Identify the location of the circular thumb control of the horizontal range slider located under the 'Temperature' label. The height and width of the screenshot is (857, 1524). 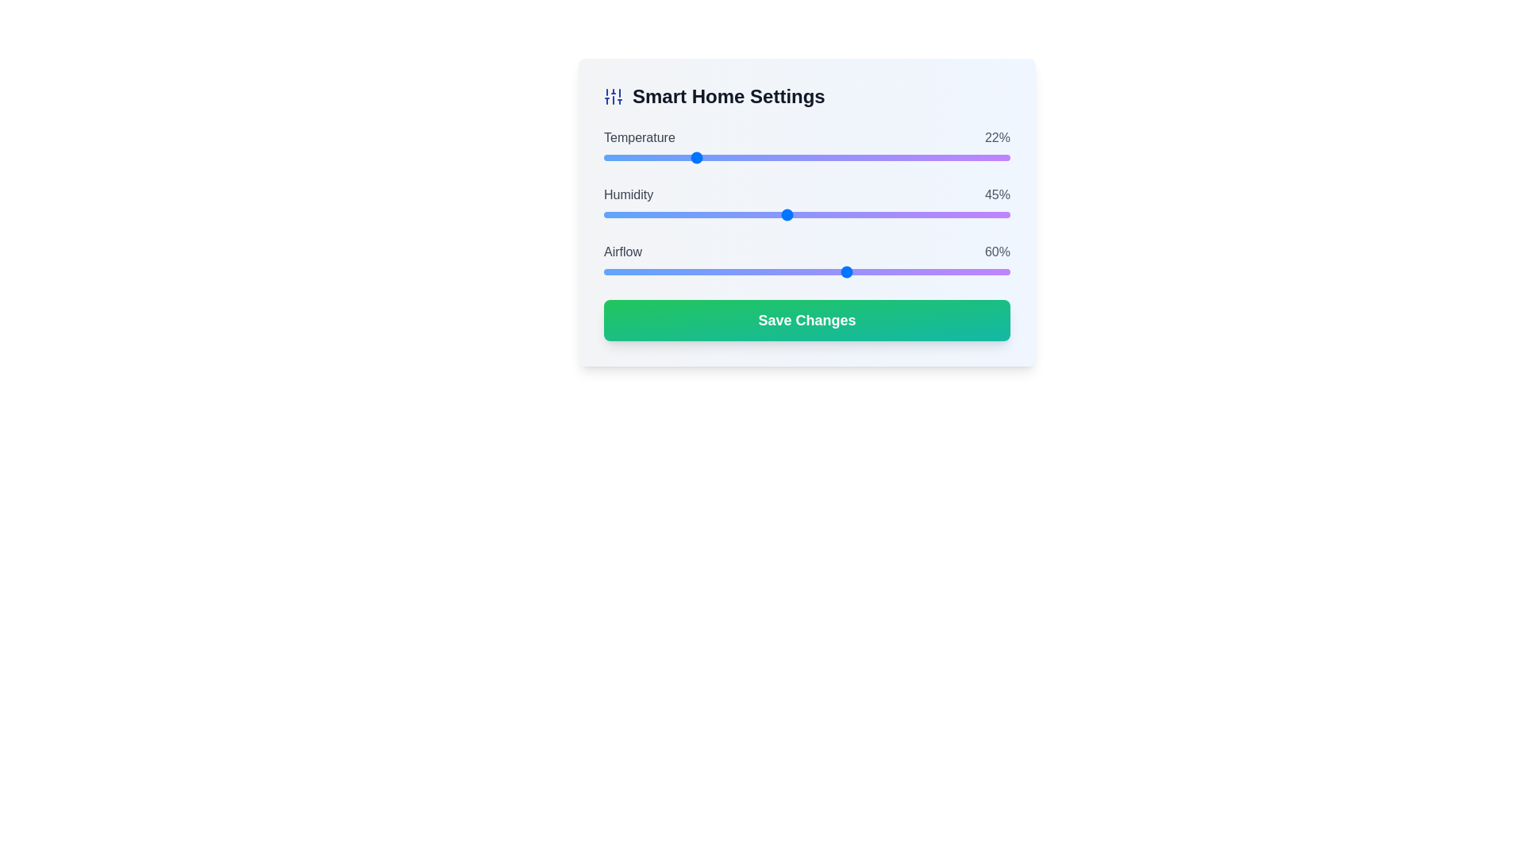
(807, 158).